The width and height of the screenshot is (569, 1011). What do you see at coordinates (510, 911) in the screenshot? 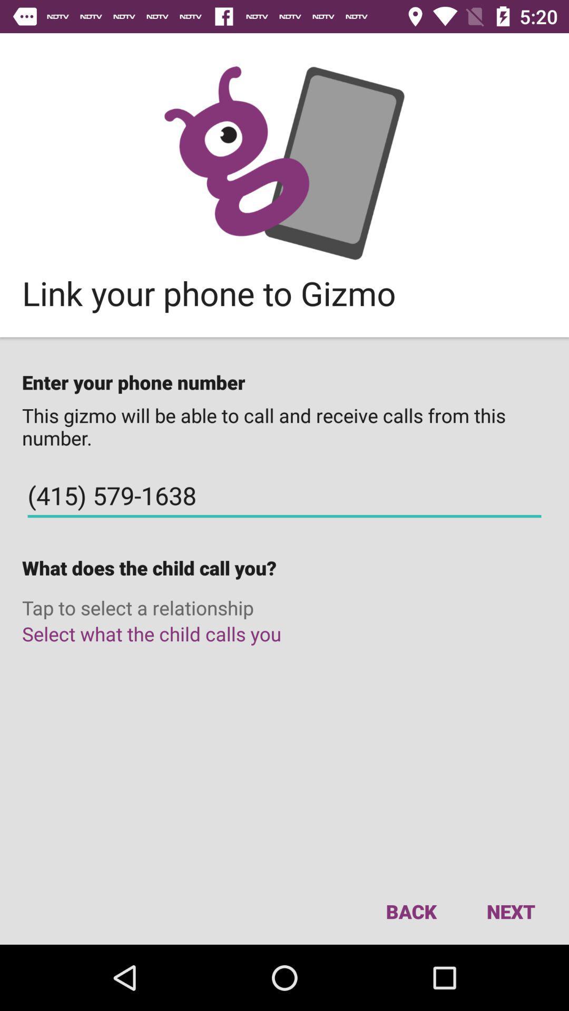
I see `item next to back icon` at bounding box center [510, 911].